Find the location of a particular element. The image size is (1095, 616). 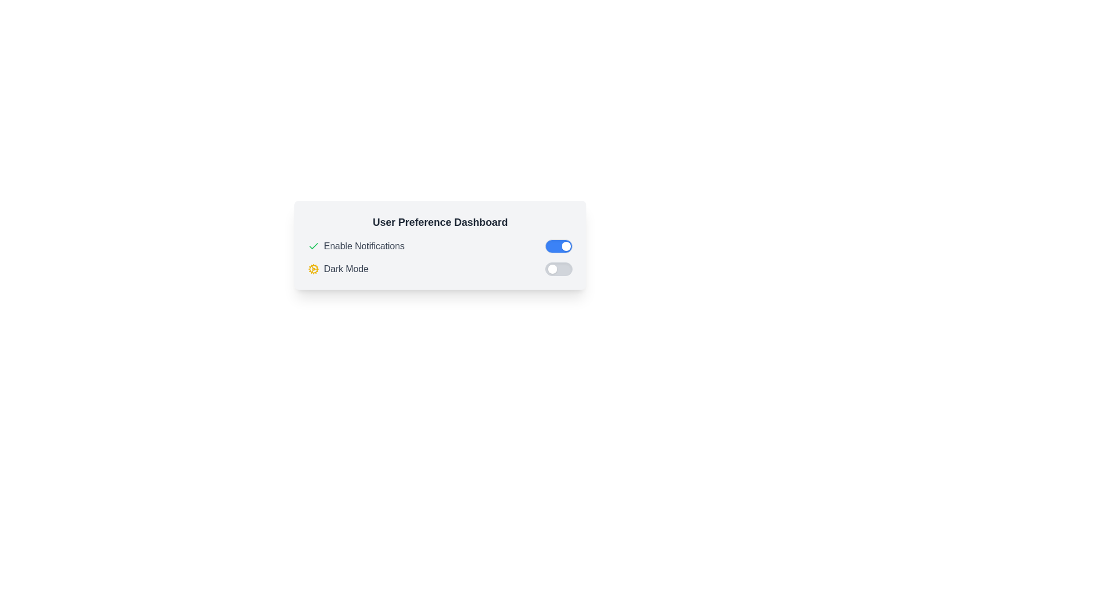

the Label and Icon Pair that toggles dark mode settings, located in the lower-left corner of the settings panel, the second item in the vertical list after 'Enable Notifications' is located at coordinates (338, 269).